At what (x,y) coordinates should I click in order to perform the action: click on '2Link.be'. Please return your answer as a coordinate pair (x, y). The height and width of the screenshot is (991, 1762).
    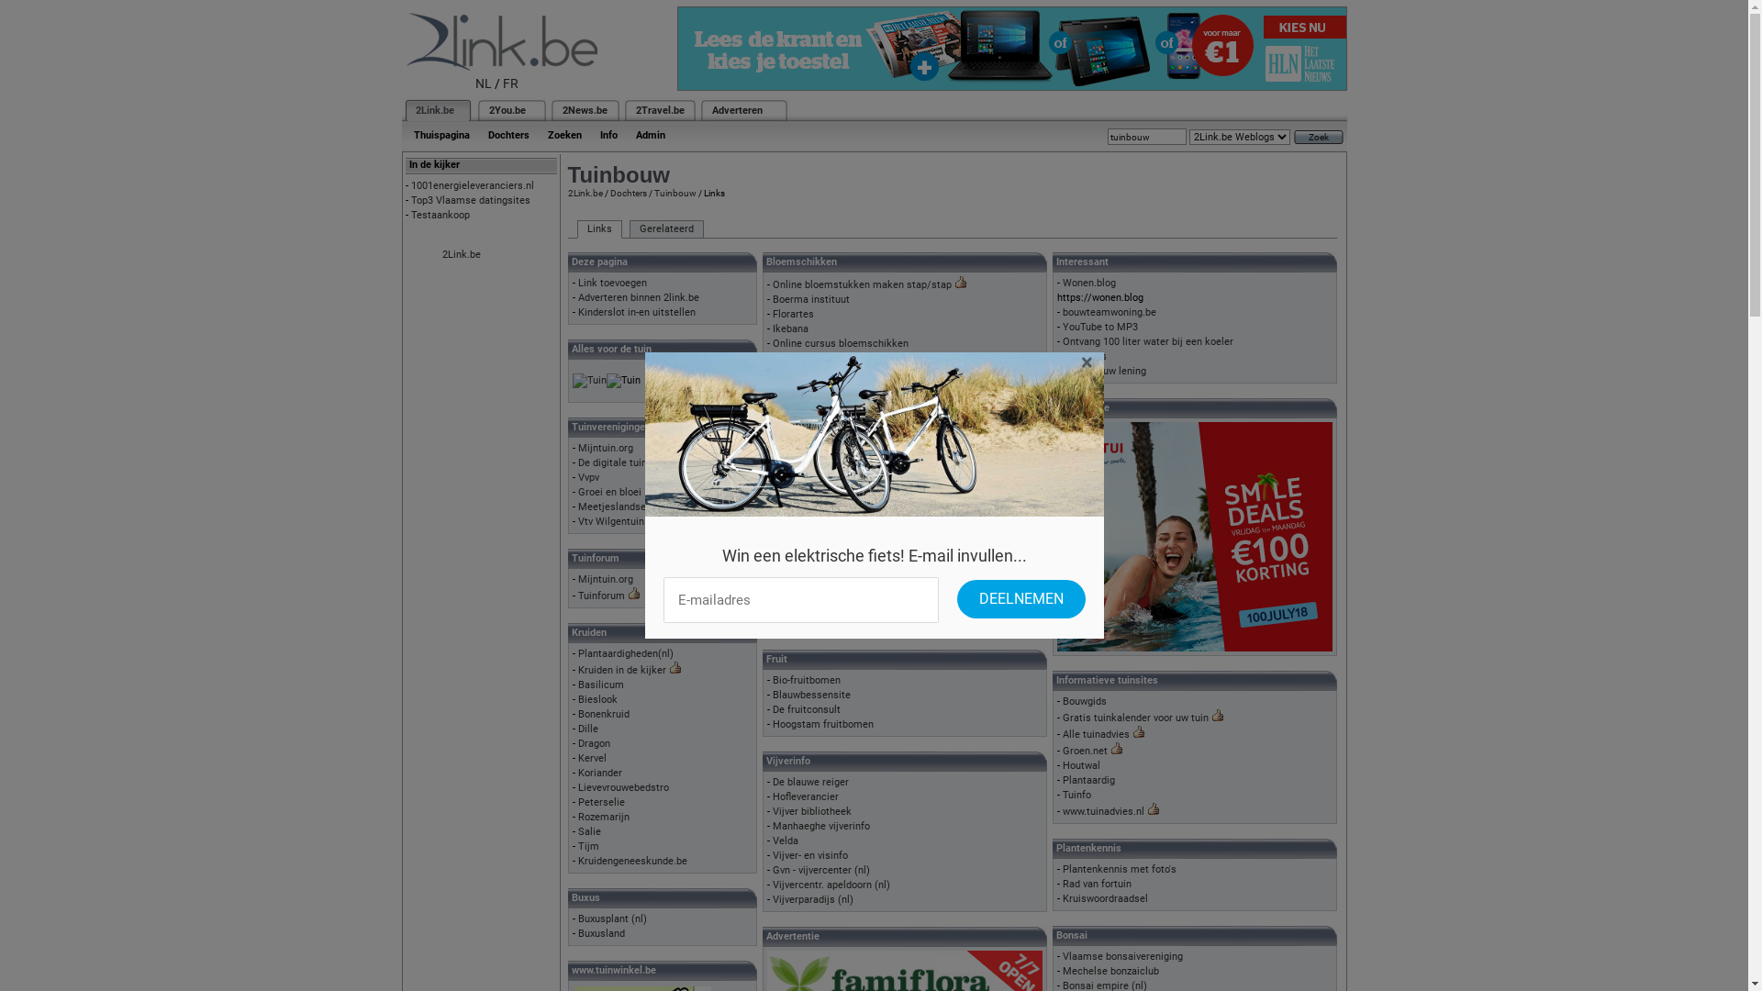
    Looking at the image, I should click on (584, 193).